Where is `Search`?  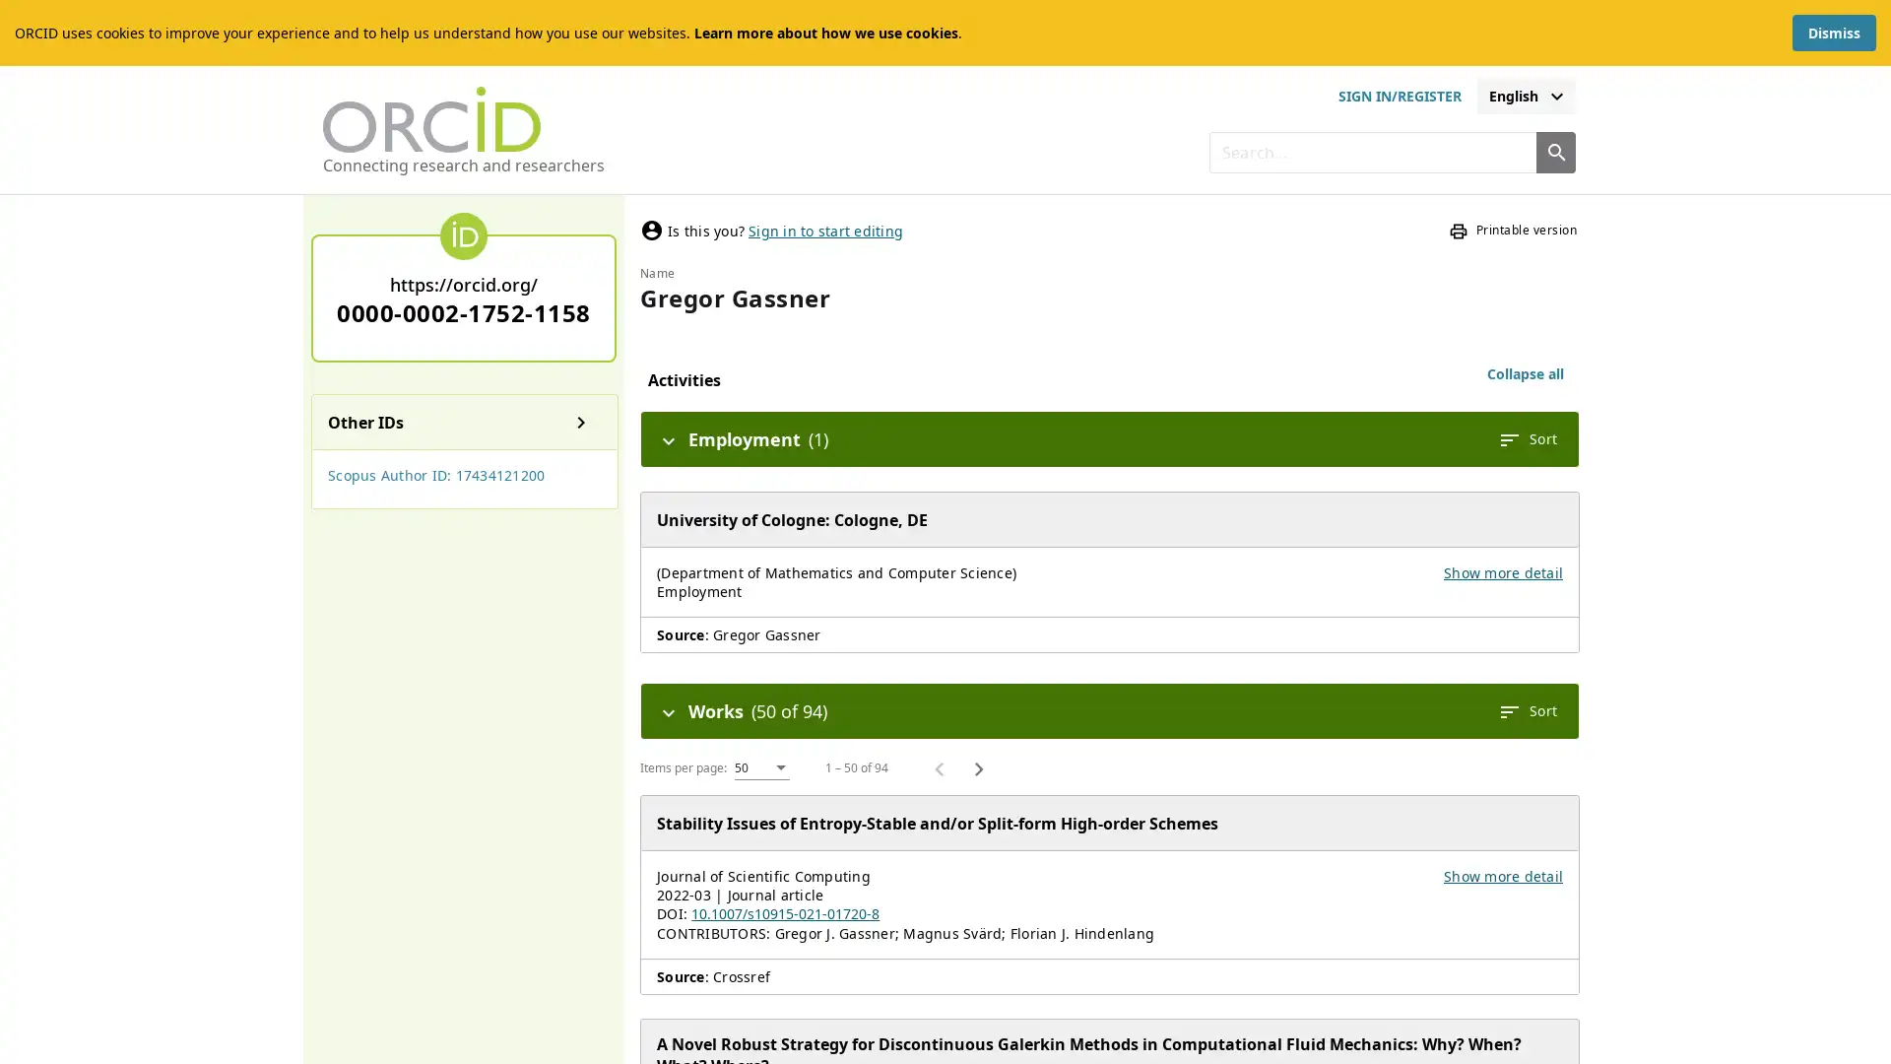
Search is located at coordinates (1554, 151).